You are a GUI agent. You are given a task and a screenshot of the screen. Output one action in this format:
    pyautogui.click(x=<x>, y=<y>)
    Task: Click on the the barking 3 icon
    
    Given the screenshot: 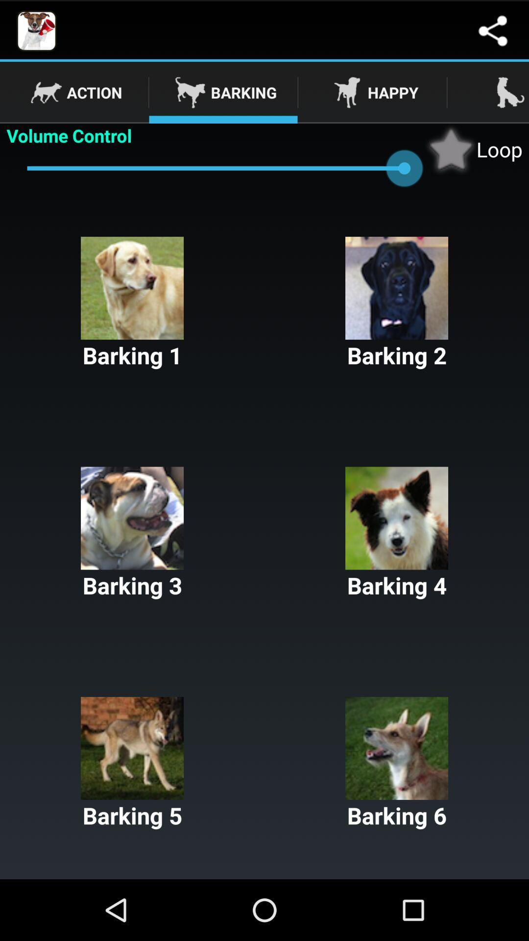 What is the action you would take?
    pyautogui.click(x=132, y=533)
    